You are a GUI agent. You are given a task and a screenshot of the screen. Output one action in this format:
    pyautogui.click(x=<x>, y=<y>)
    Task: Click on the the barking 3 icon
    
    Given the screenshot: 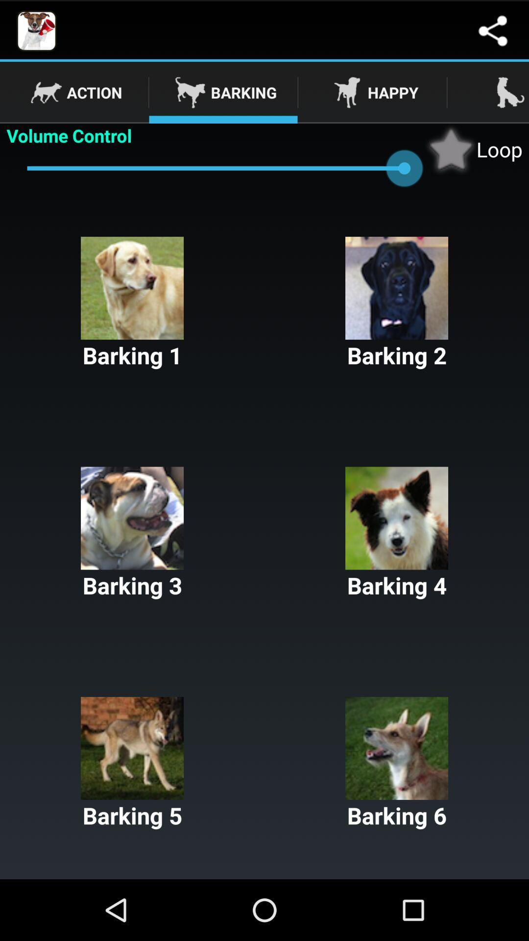 What is the action you would take?
    pyautogui.click(x=132, y=533)
    